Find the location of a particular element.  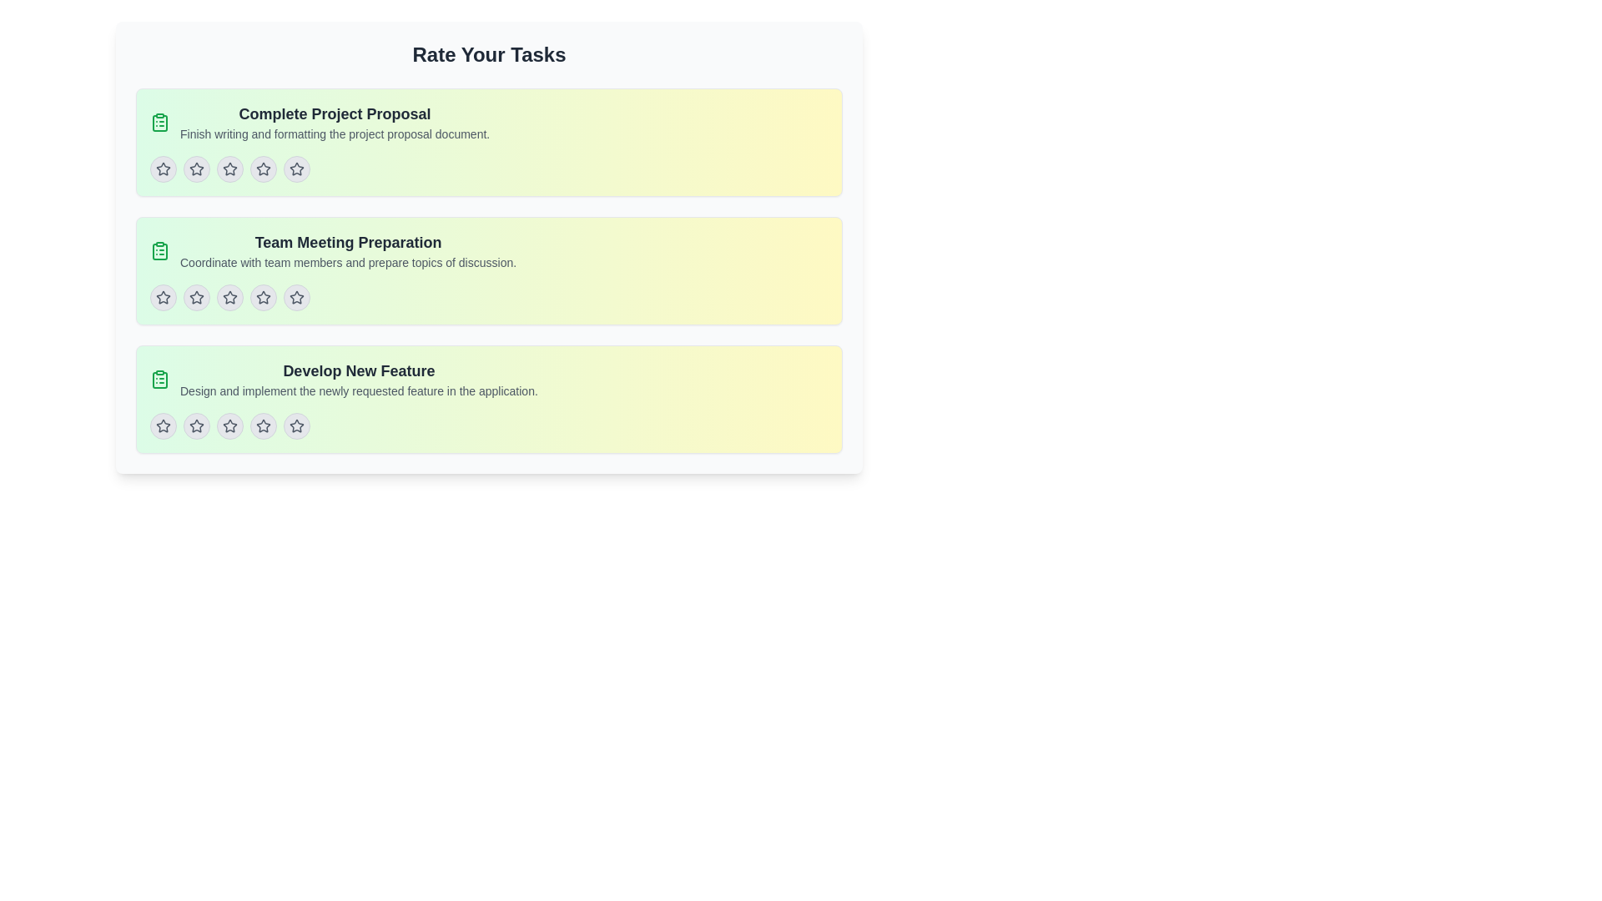

the third star button in the row of five rating stars on the first task card titled 'Complete Project Proposal' is located at coordinates (229, 169).